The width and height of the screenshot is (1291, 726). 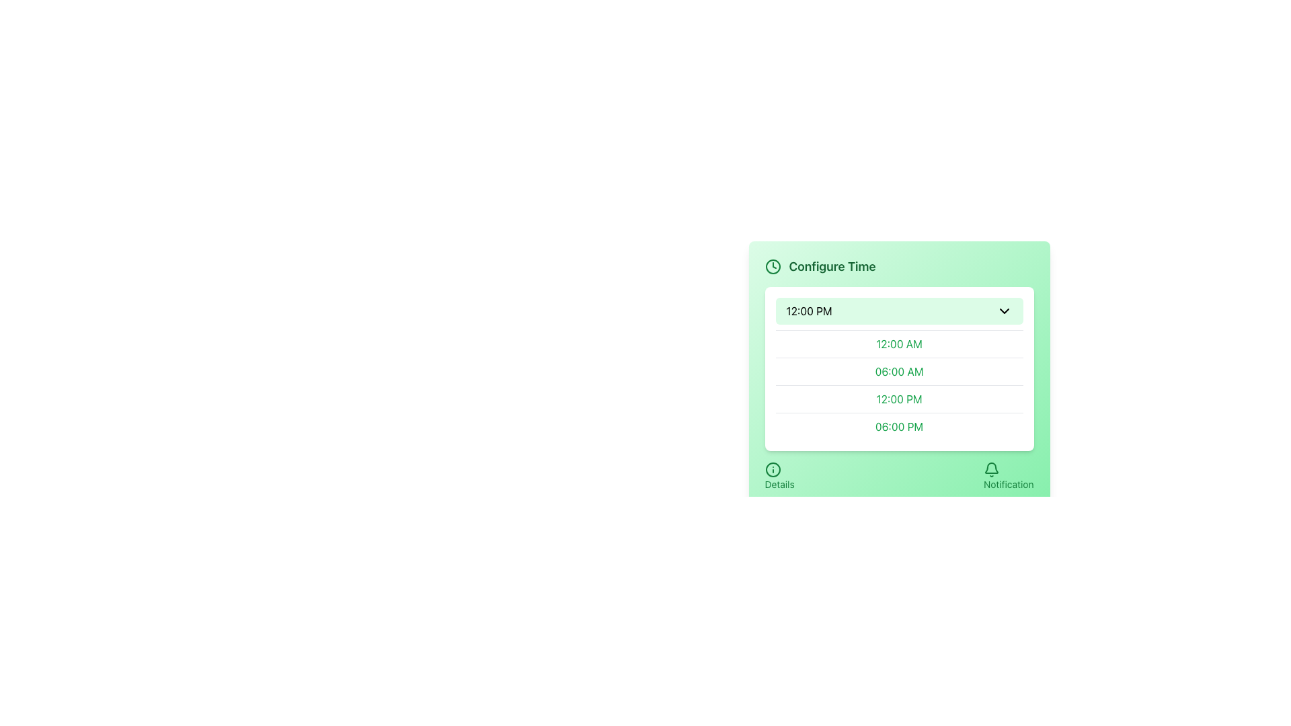 What do you see at coordinates (899, 344) in the screenshot?
I see `the text label displaying '12:00 AM' in green font within the dropdown menu` at bounding box center [899, 344].